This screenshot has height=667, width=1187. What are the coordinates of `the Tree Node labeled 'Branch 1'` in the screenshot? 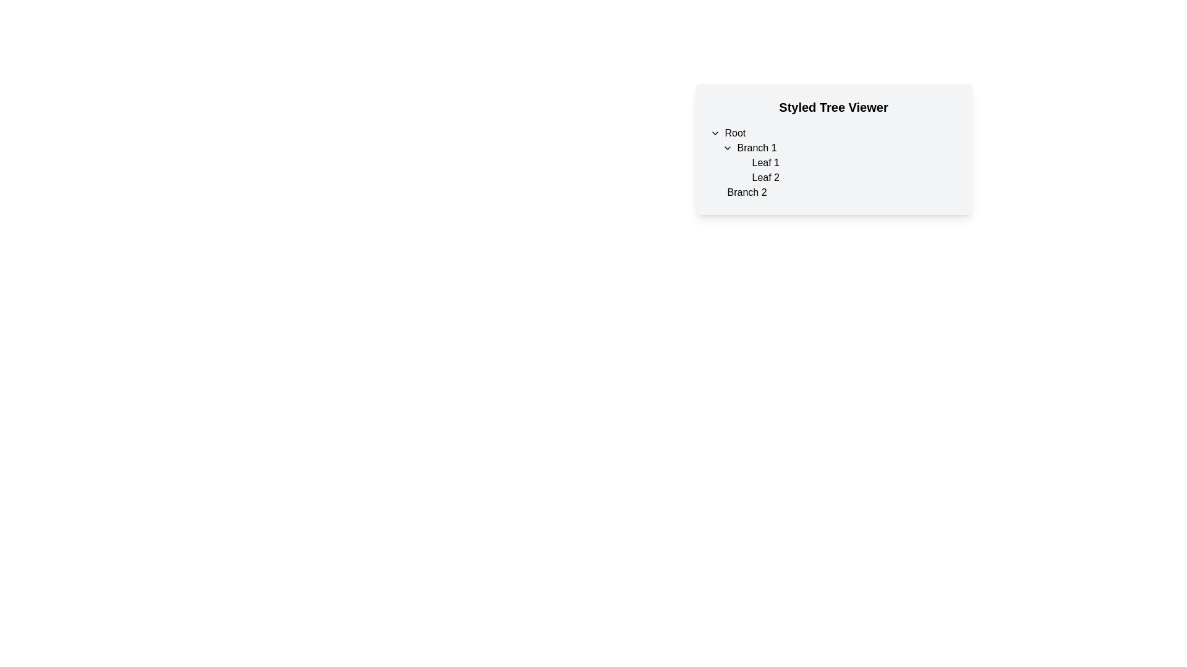 It's located at (833, 162).